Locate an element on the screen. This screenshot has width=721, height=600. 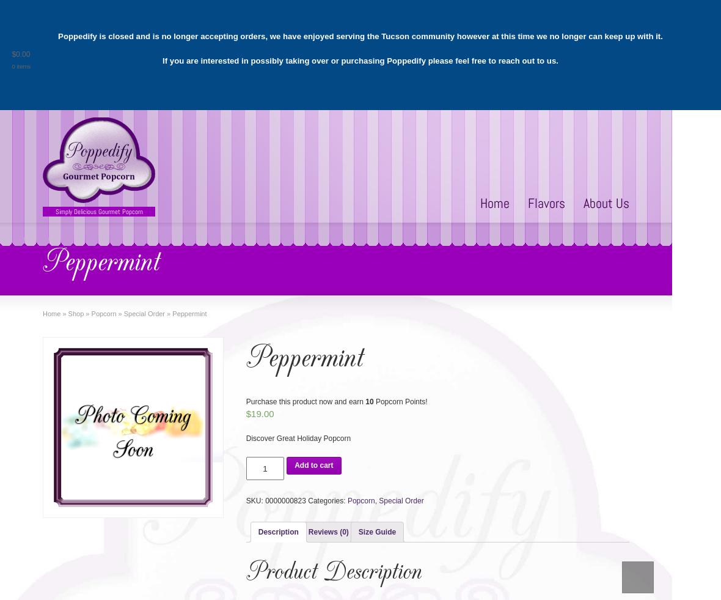
'Discover Great Holiday Popcorn' is located at coordinates (298, 439).